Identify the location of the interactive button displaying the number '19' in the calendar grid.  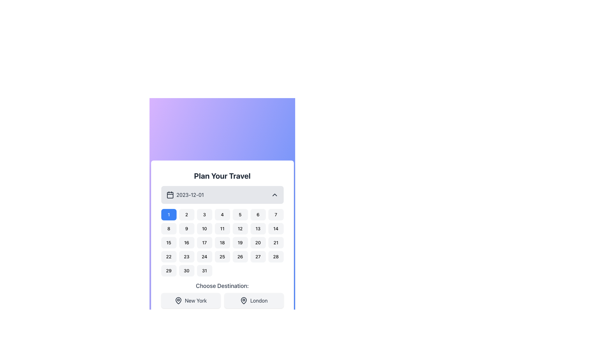
(240, 243).